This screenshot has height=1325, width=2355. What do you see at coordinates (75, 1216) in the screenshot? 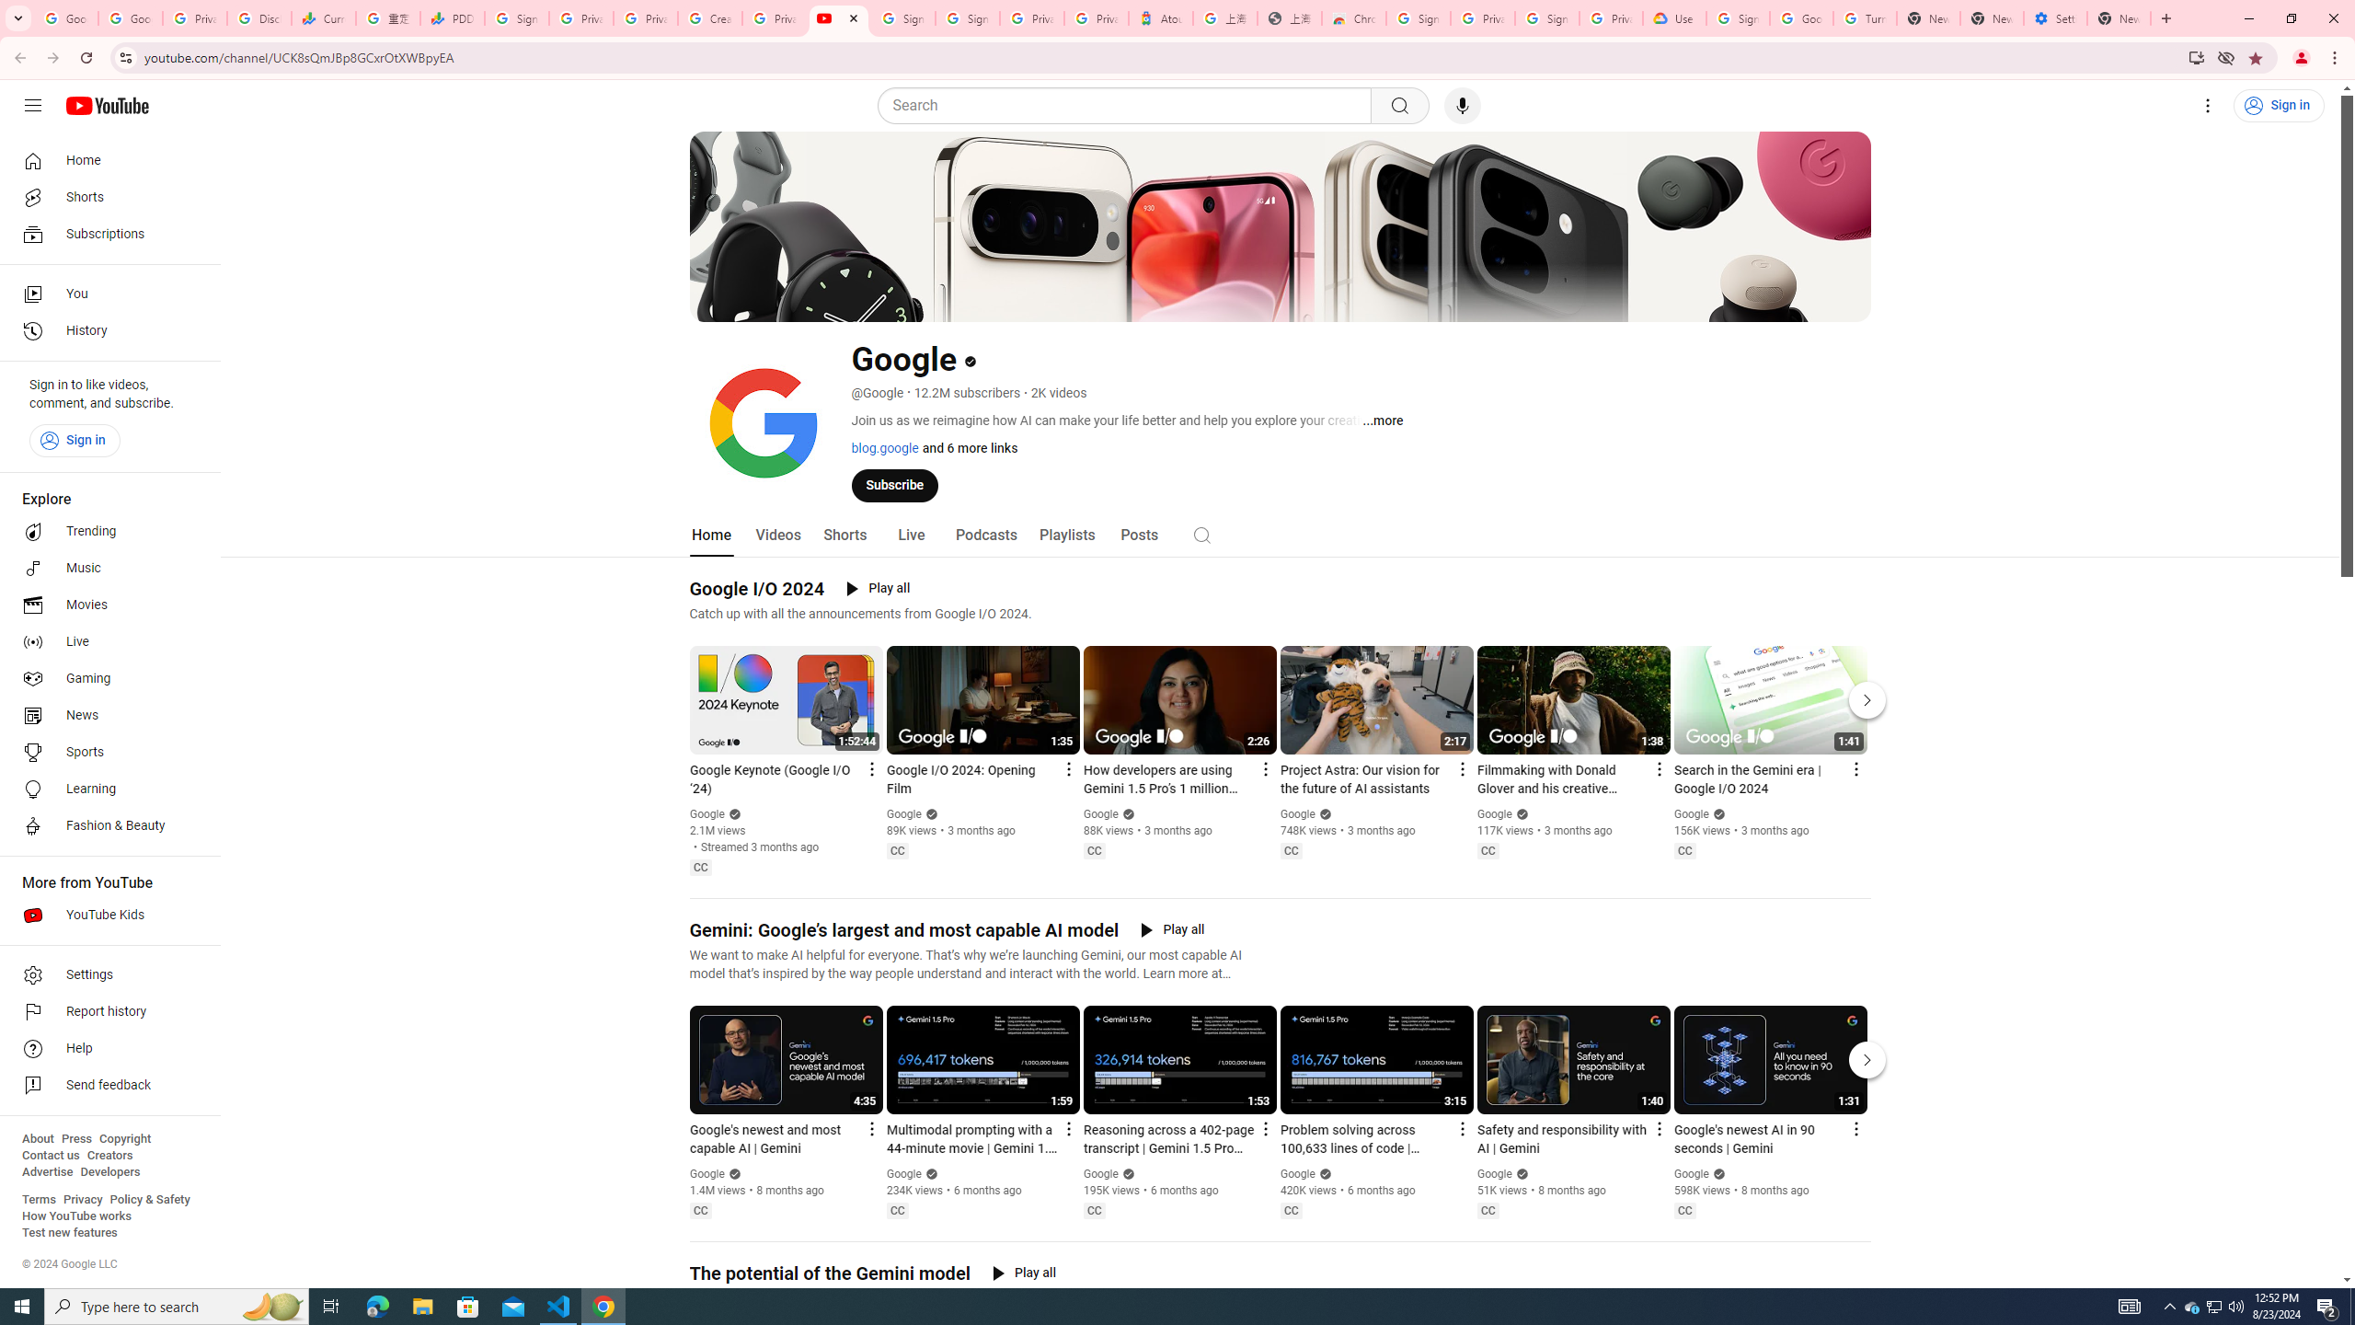
I see `'How YouTube works'` at bounding box center [75, 1216].